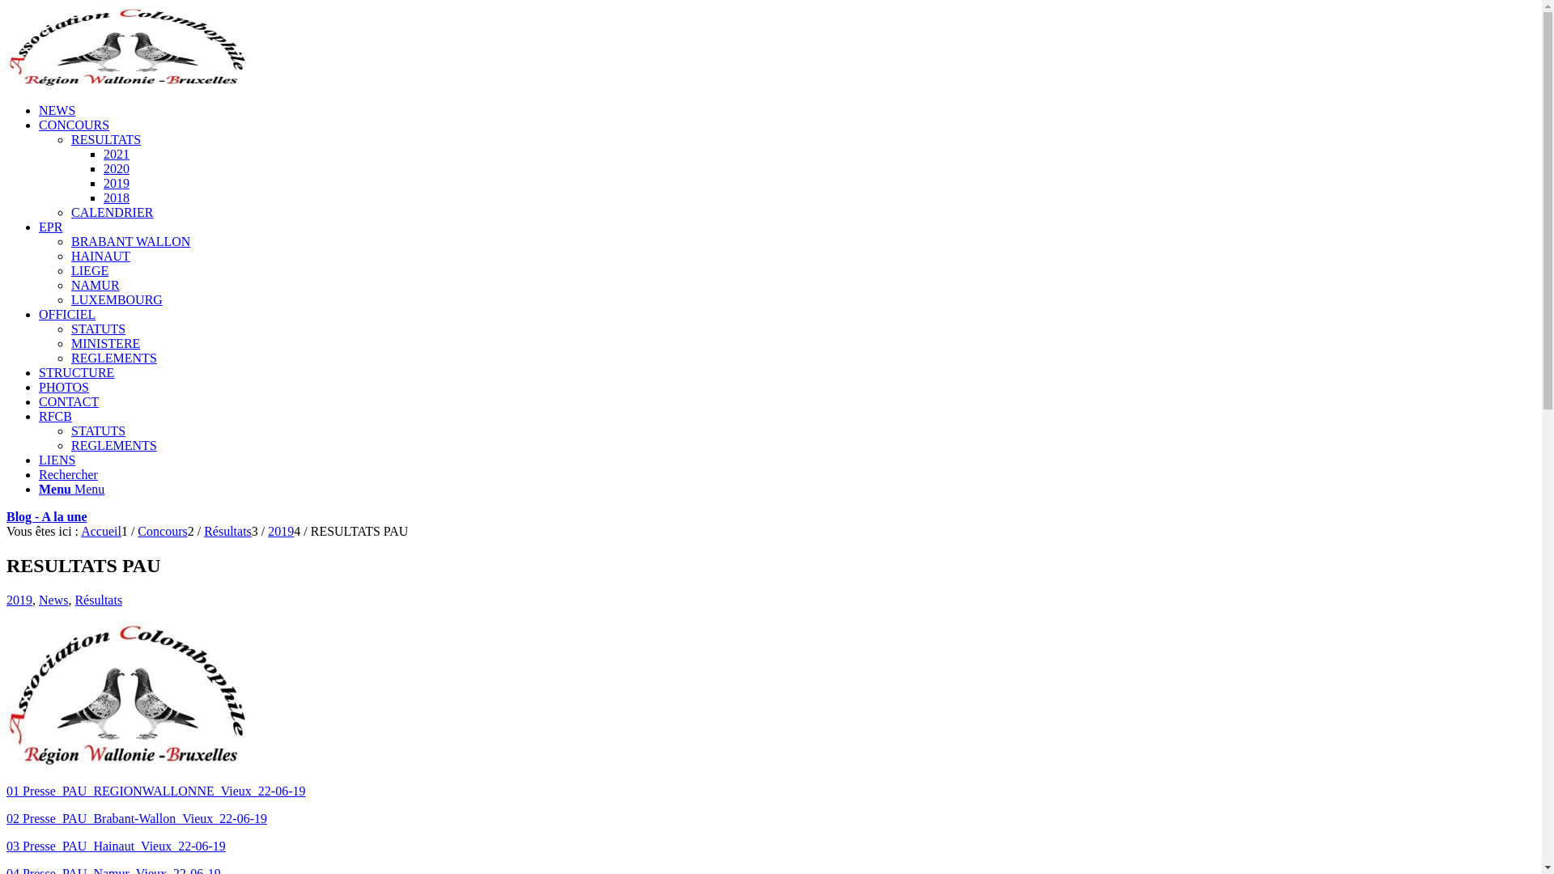 The image size is (1554, 874). Describe the element at coordinates (66, 314) in the screenshot. I see `'OFFICIEL'` at that location.